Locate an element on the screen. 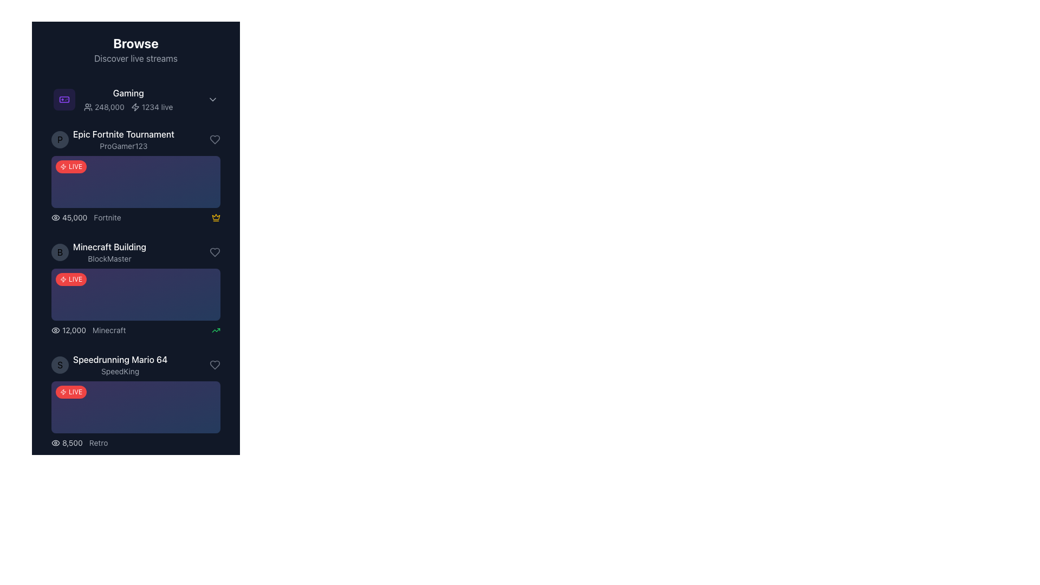 The height and width of the screenshot is (585, 1040). the numeric text '8,500' styled in gray font next to the eye icon, which indicates viewer count for the 'Speedrunning Mario 64' list entry is located at coordinates (66, 443).